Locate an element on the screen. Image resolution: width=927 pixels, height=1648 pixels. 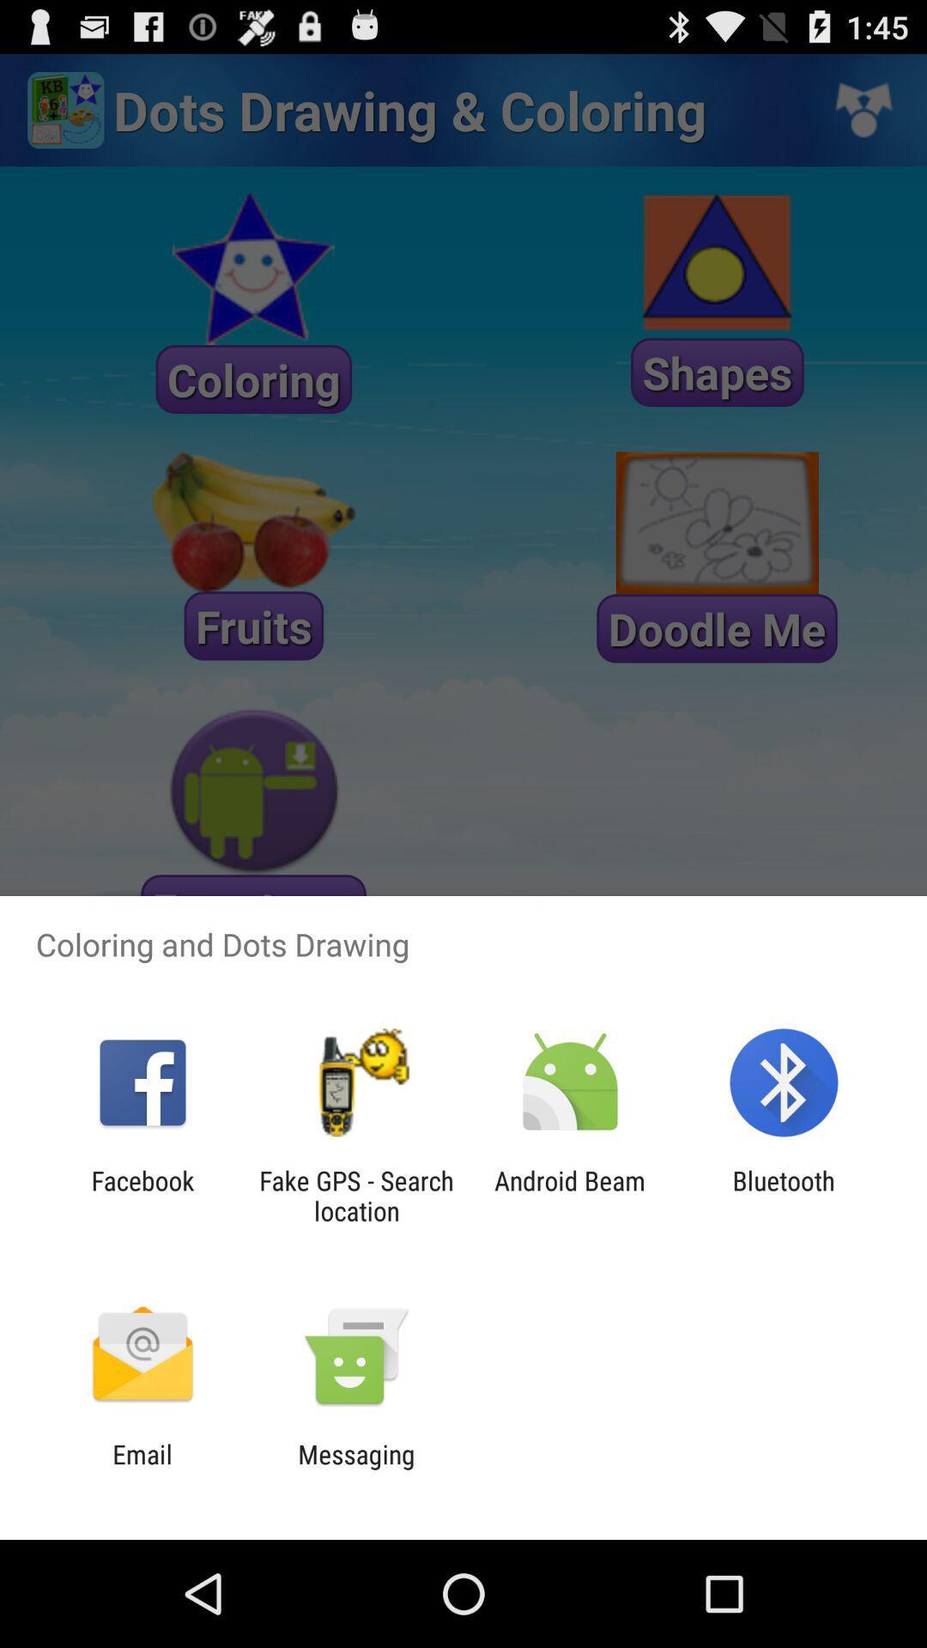
icon next to fake gps search item is located at coordinates (142, 1195).